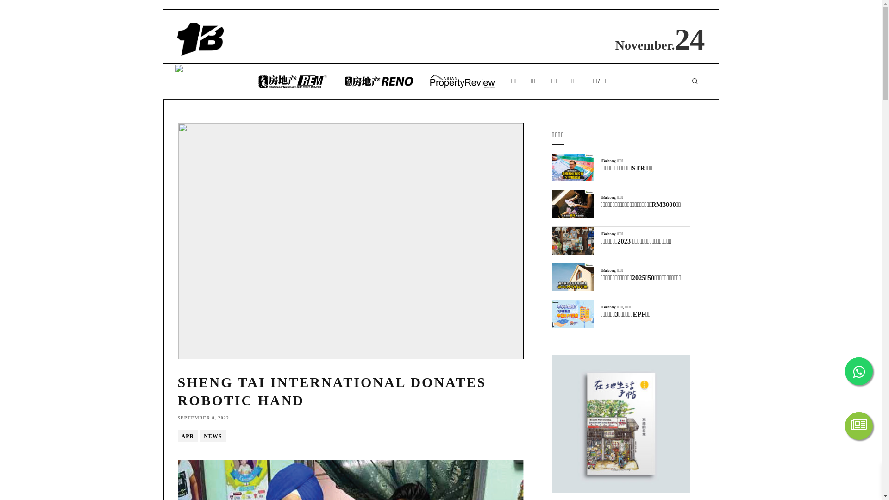 The height and width of the screenshot is (500, 889). What do you see at coordinates (178, 436) in the screenshot?
I see `'APR'` at bounding box center [178, 436].